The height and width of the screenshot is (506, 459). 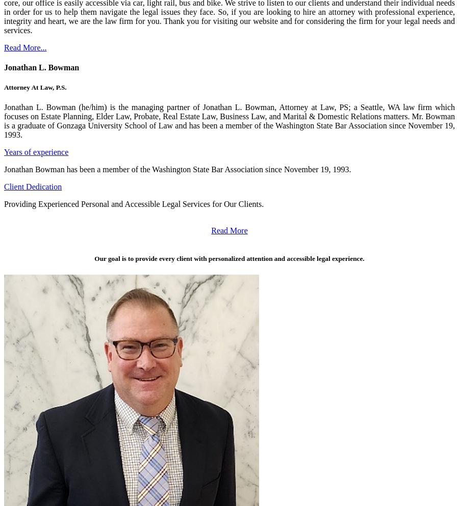 I want to click on 'Jonathan L. Bowman (he/him) is the managing partner of Jonathan L. Bowman, Attorney at Law, PS; a Seattle, WA law firm which focuses on Estate Planning, Elder Law, Probate, Real Estate Law, Business Law, and Marital & Domestic Relations matters. Mr. Bowman is a graduate of Gonzaga University School of Law and has been a member of the Washington State Bar Association since November 19, 1993.', so click(x=229, y=120).